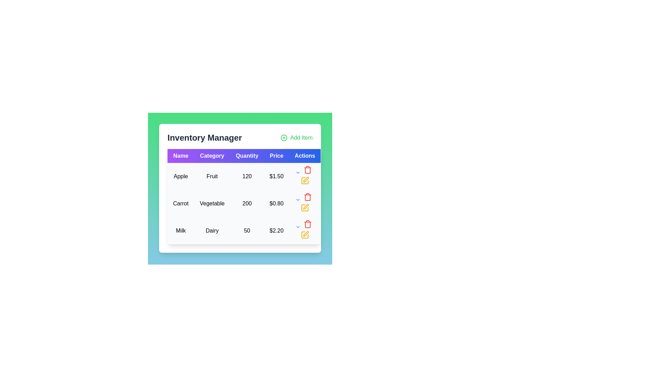 The width and height of the screenshot is (670, 376). I want to click on the second row of the table that contains details about 'Carrot', highlighting it, so click(244, 204).